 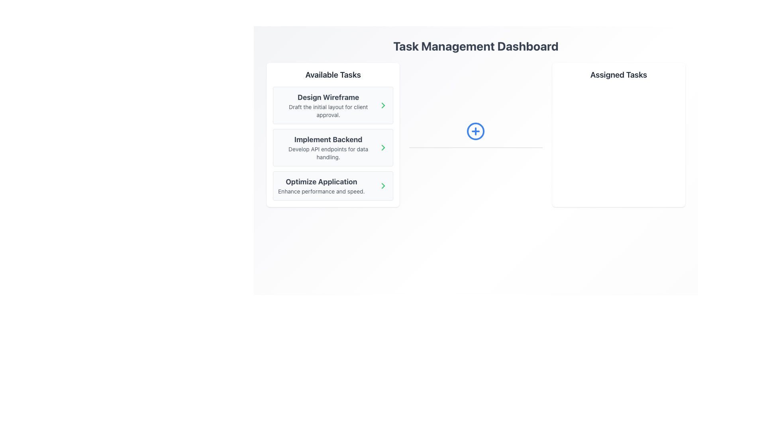 What do you see at coordinates (476, 131) in the screenshot?
I see `the blue circle with a plus sign in the center, which is centrally located in the task management interface, aligned with 'Available Tasks' and 'Assigned Tasks'` at bounding box center [476, 131].